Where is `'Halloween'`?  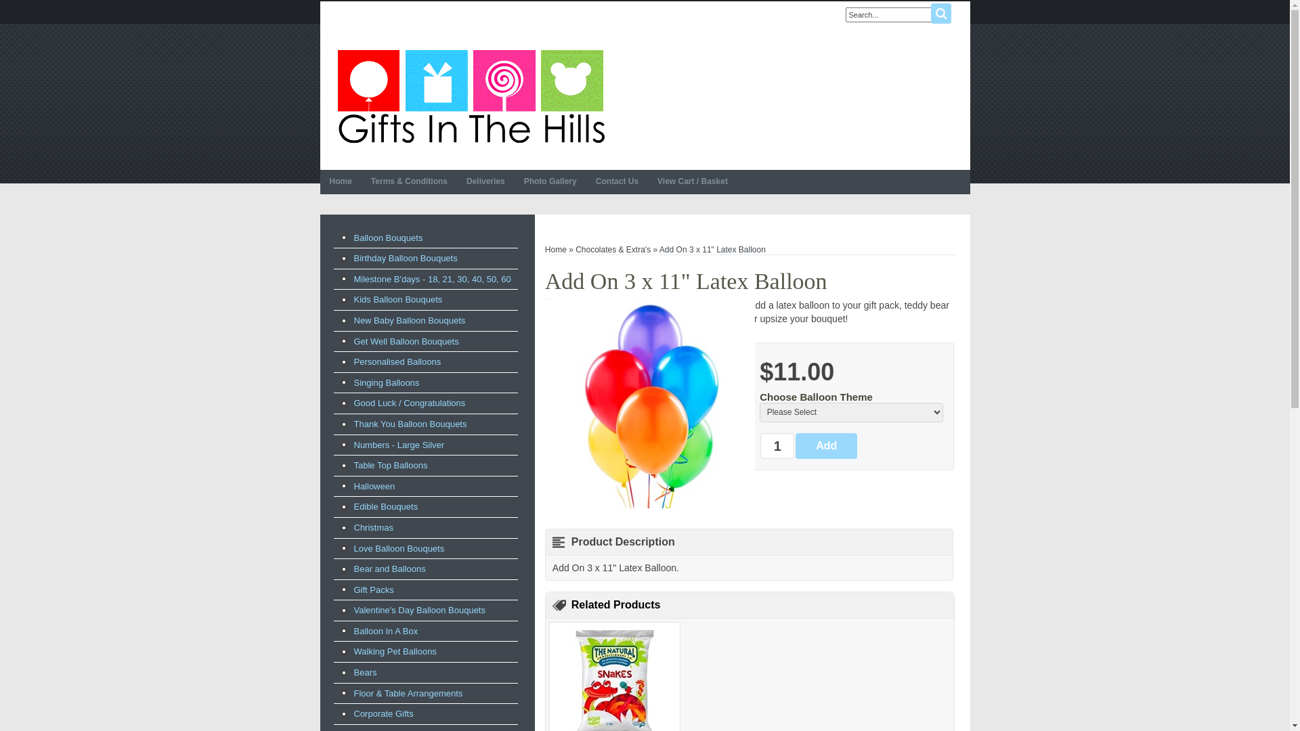 'Halloween' is located at coordinates (425, 485).